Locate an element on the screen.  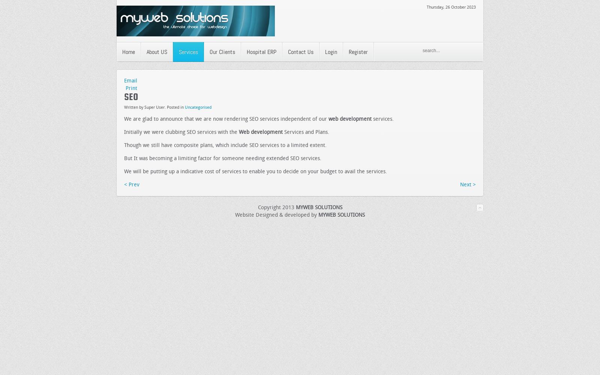
'Our Clients' is located at coordinates (222, 52).